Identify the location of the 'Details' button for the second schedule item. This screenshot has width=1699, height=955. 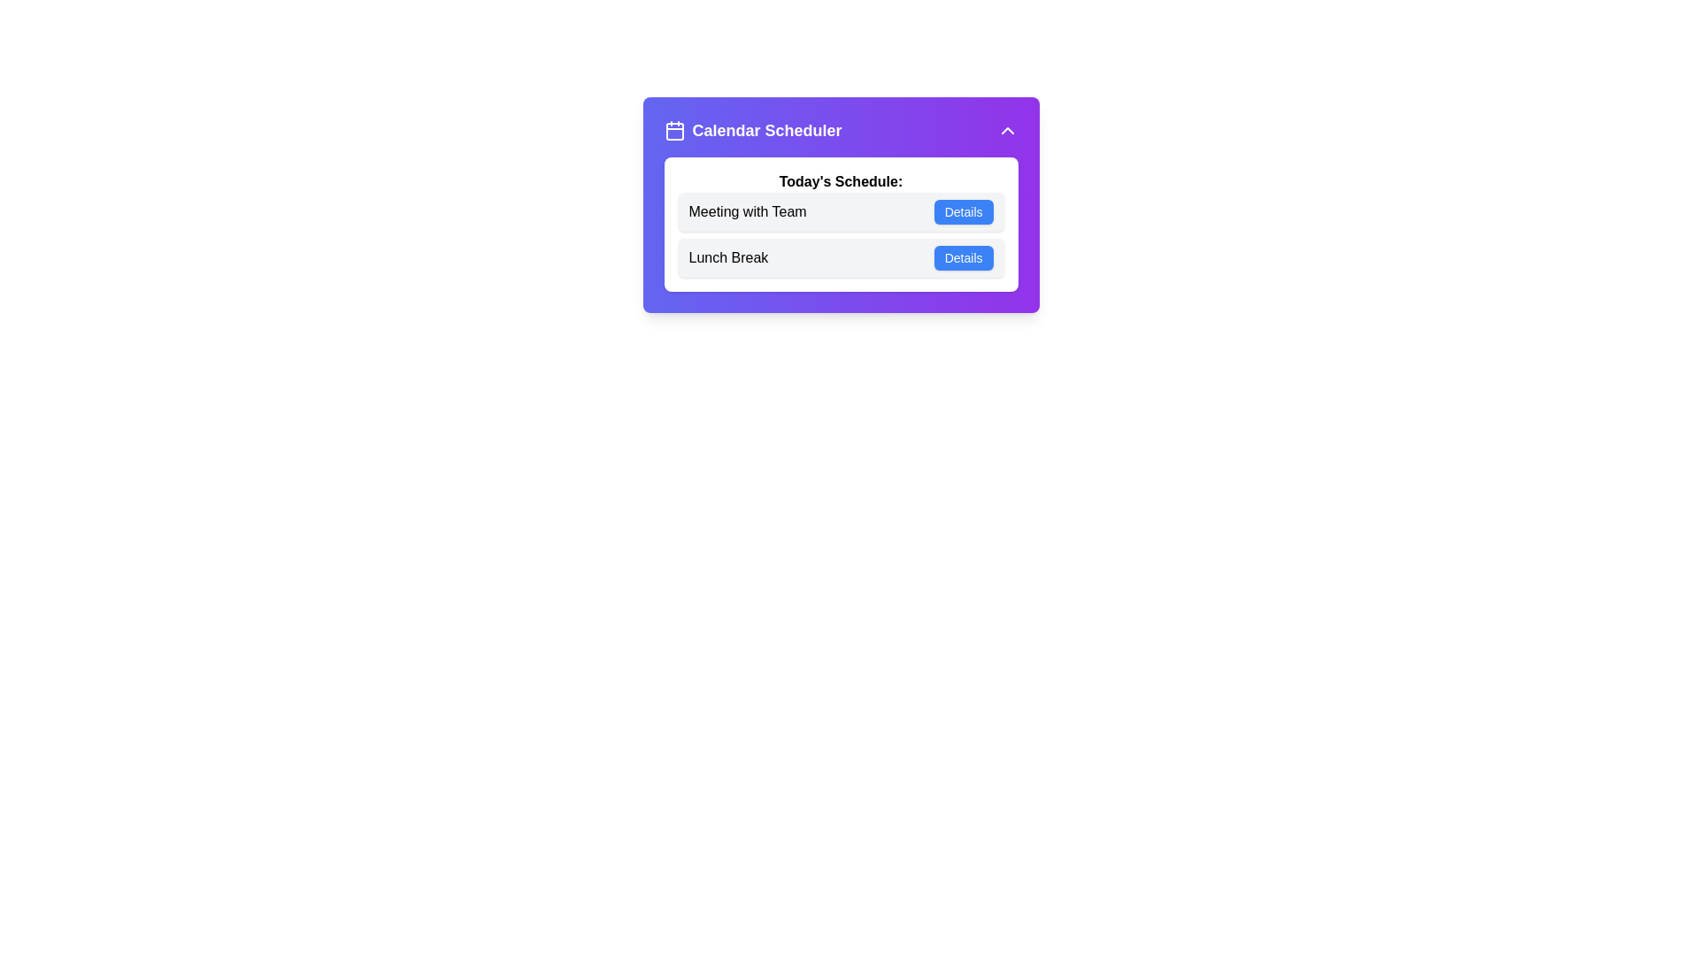
(963, 258).